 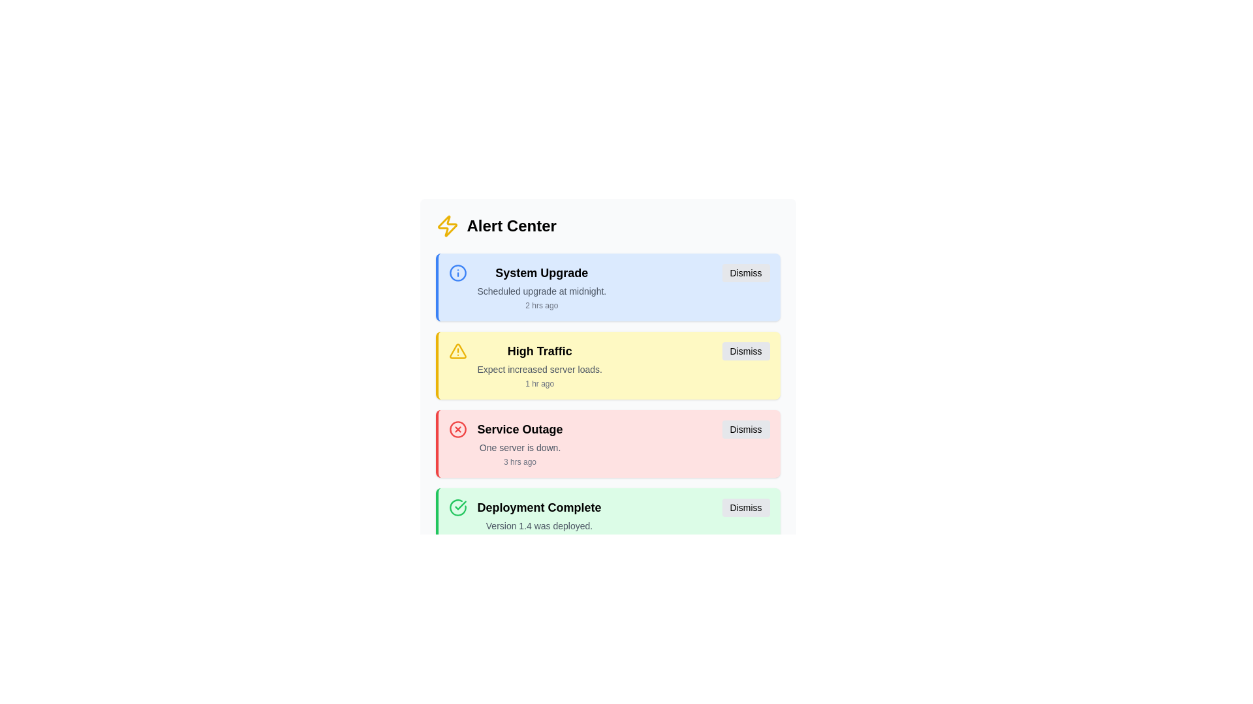 What do you see at coordinates (745, 272) in the screenshot?
I see `the button in the top-right corner of the 'System Upgrade' notification card` at bounding box center [745, 272].